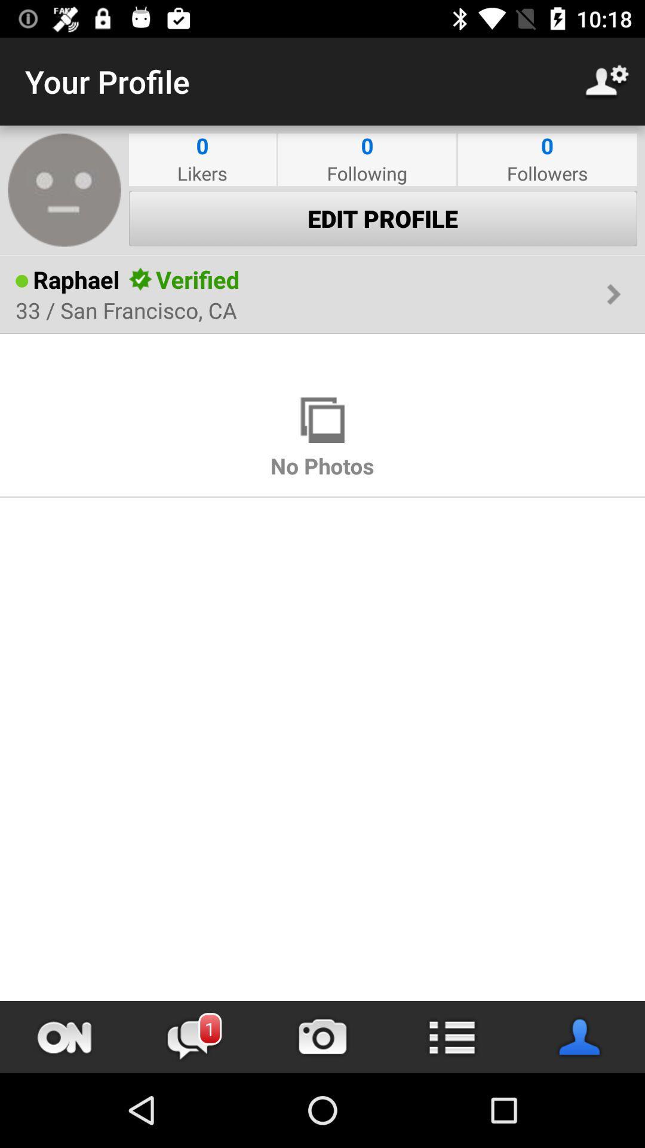  What do you see at coordinates (64, 1036) in the screenshot?
I see `take you to home page` at bounding box center [64, 1036].